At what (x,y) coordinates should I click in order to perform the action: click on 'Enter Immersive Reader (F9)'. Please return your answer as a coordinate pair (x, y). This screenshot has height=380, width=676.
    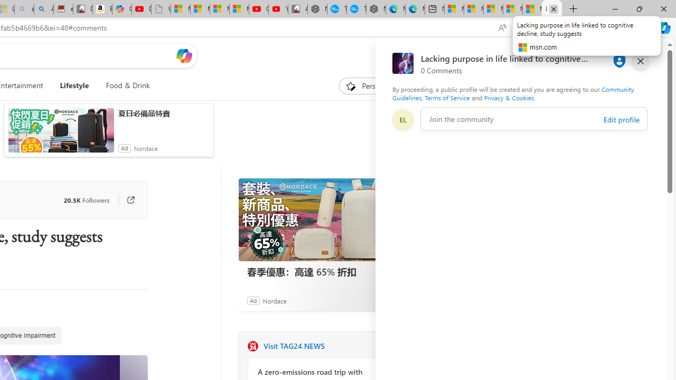
    Looking at the image, I should click on (523, 27).